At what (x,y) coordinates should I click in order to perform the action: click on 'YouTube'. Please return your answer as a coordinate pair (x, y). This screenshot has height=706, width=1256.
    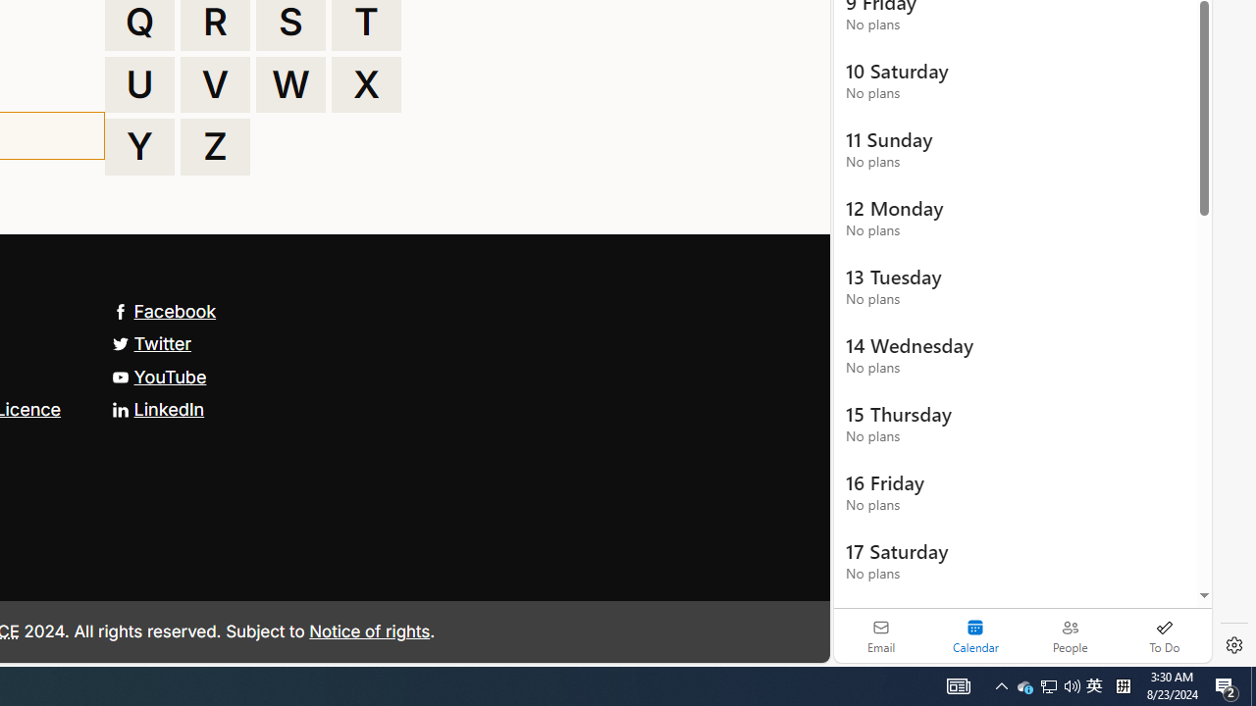
    Looking at the image, I should click on (159, 377).